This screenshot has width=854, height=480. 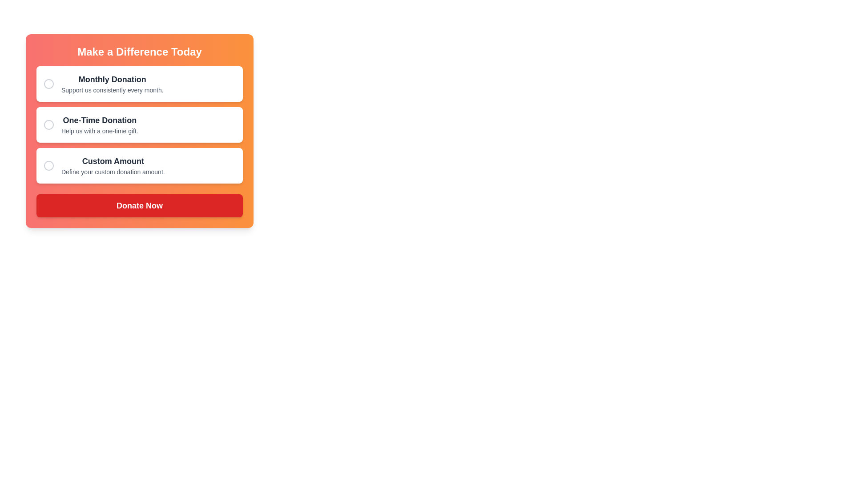 What do you see at coordinates (48, 125) in the screenshot?
I see `the light gray circular radio button indicator` at bounding box center [48, 125].